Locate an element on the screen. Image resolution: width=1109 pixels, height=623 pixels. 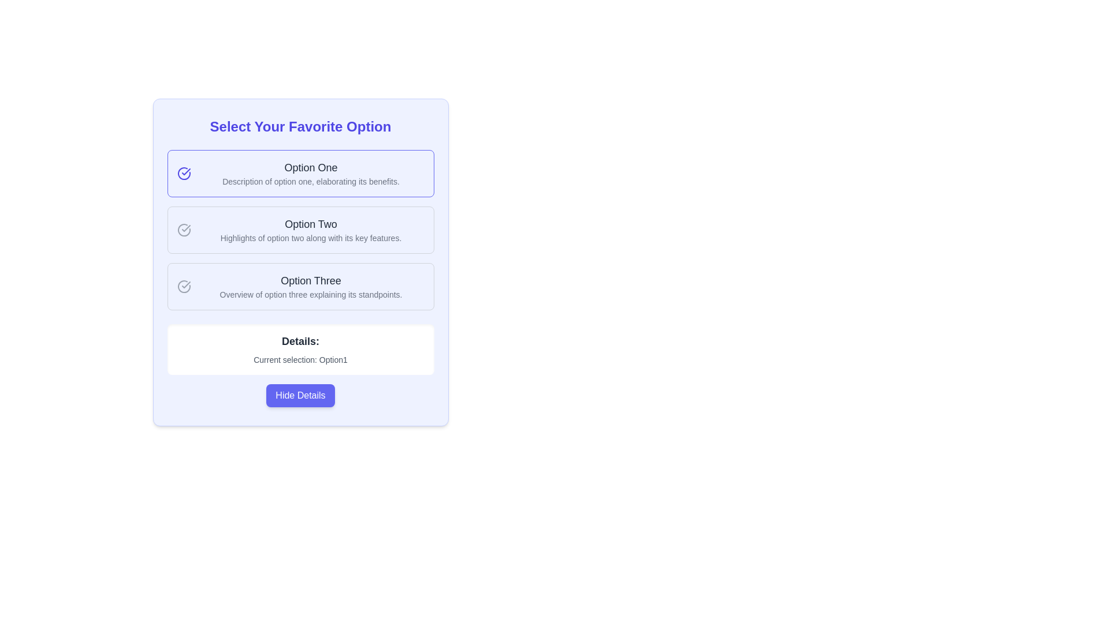
the static text description that reads 'Highlights of option two along with its key features,' located below the title 'Option Two' in the highlighted options section is located at coordinates (311, 237).